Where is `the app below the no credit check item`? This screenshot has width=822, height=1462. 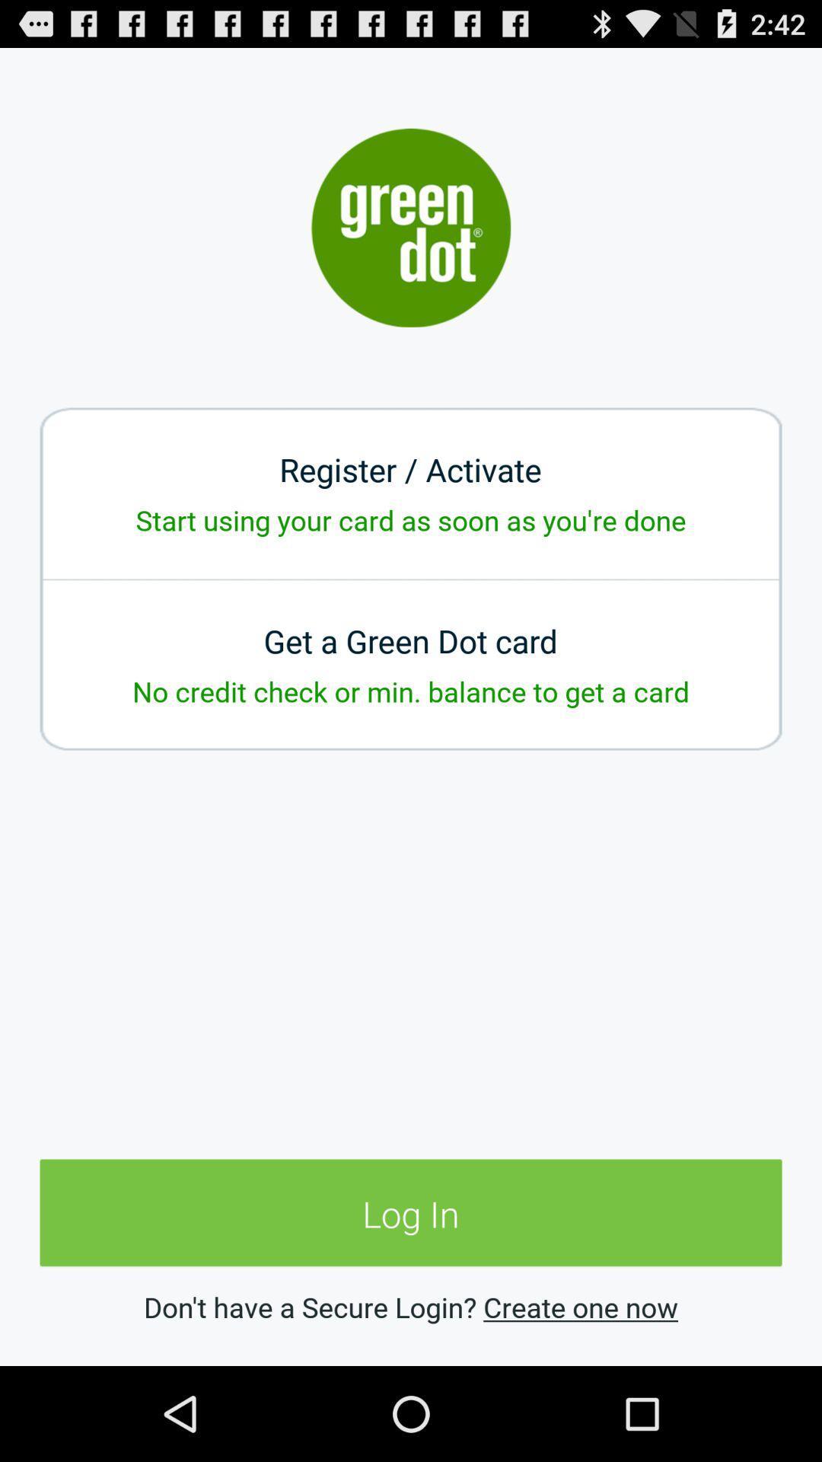
the app below the no credit check item is located at coordinates (411, 1213).